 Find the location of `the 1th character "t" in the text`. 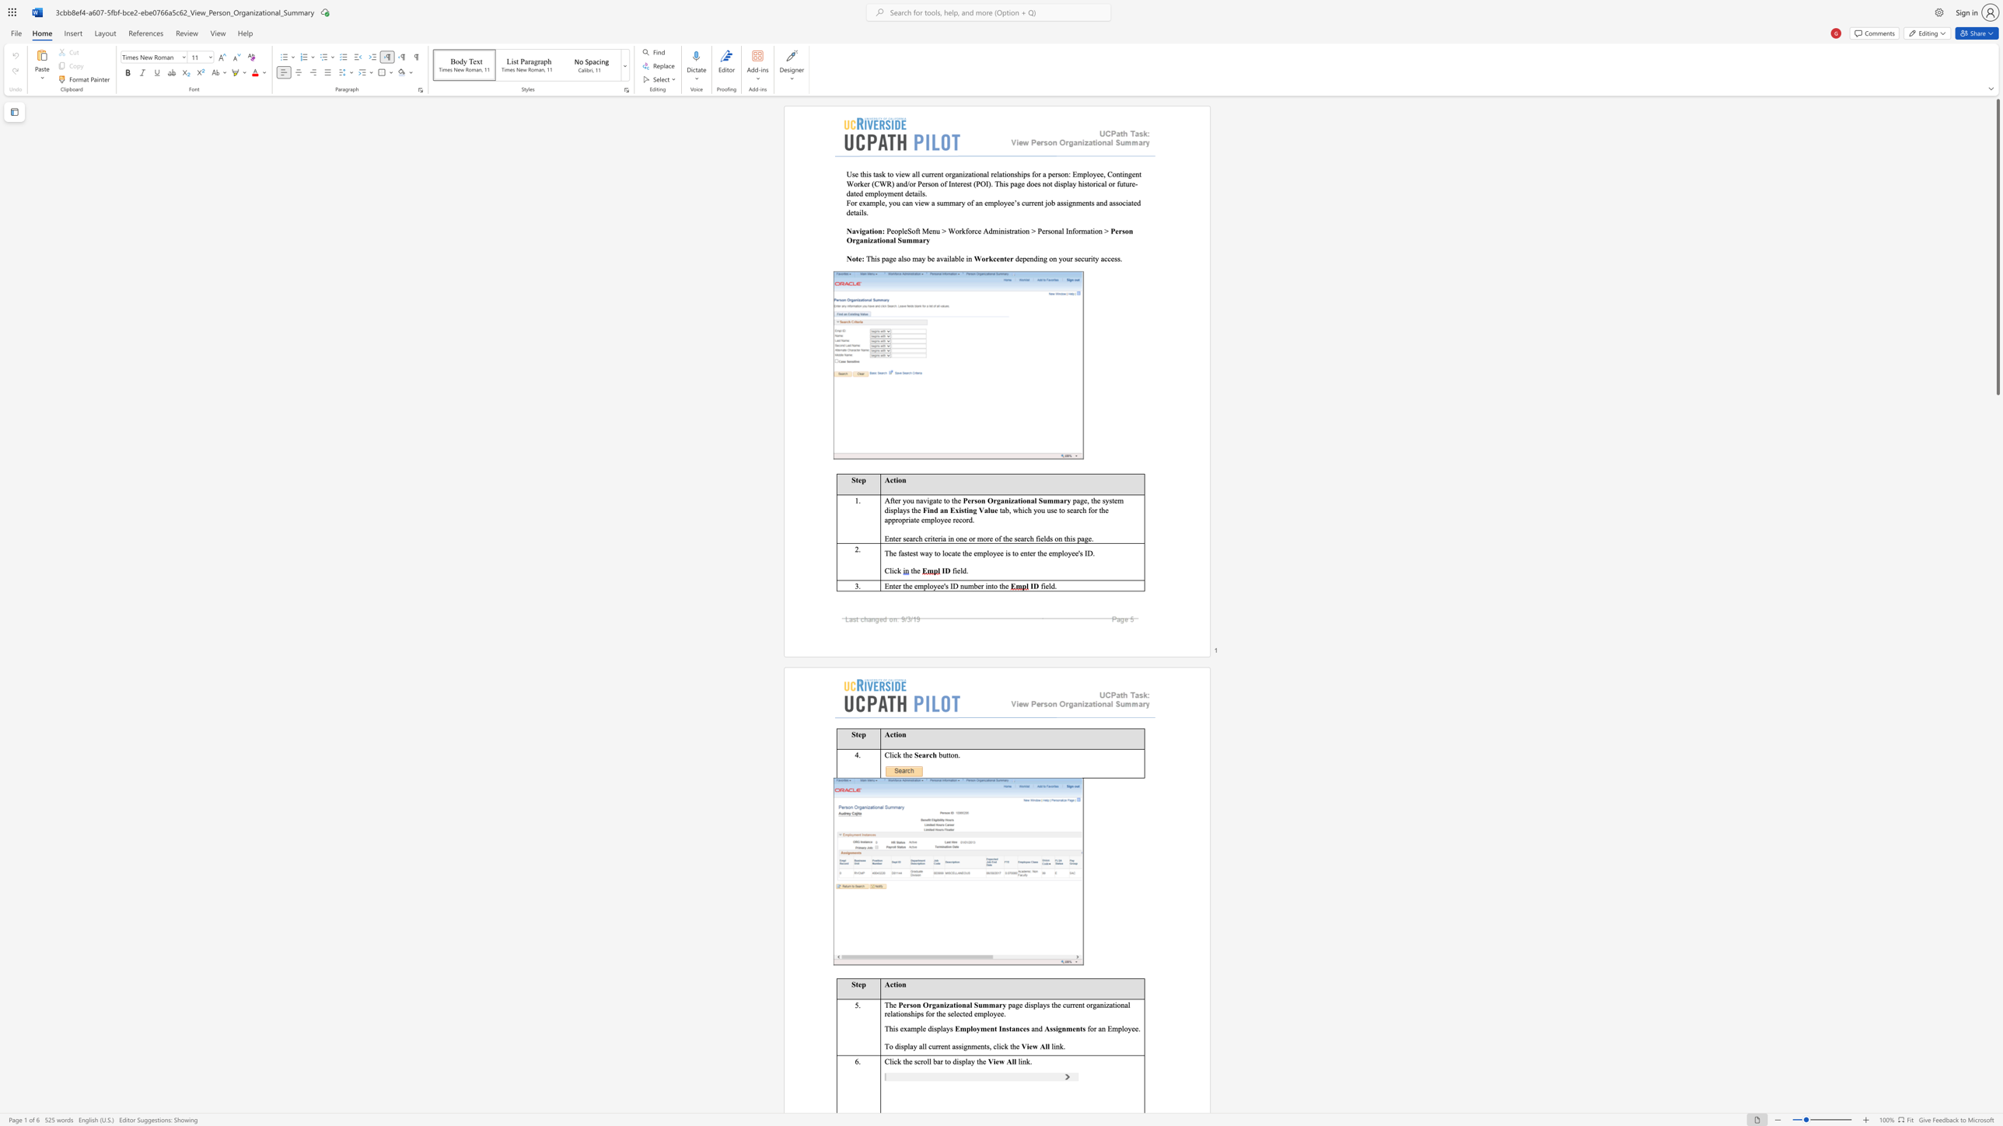

the 1th character "t" in the text is located at coordinates (1019, 500).